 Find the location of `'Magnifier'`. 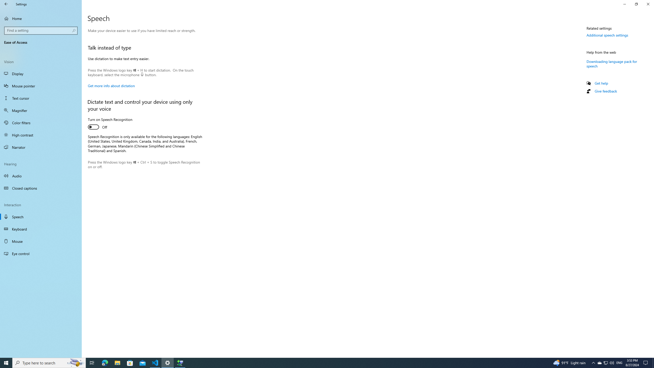

'Magnifier' is located at coordinates (41, 110).